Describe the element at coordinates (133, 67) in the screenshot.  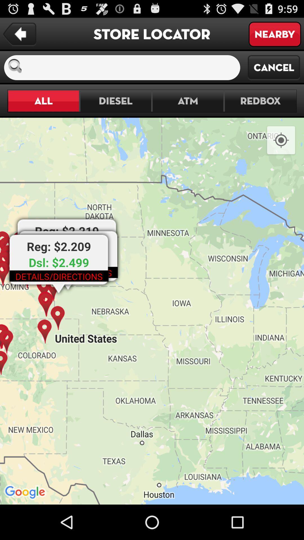
I see `search box` at that location.